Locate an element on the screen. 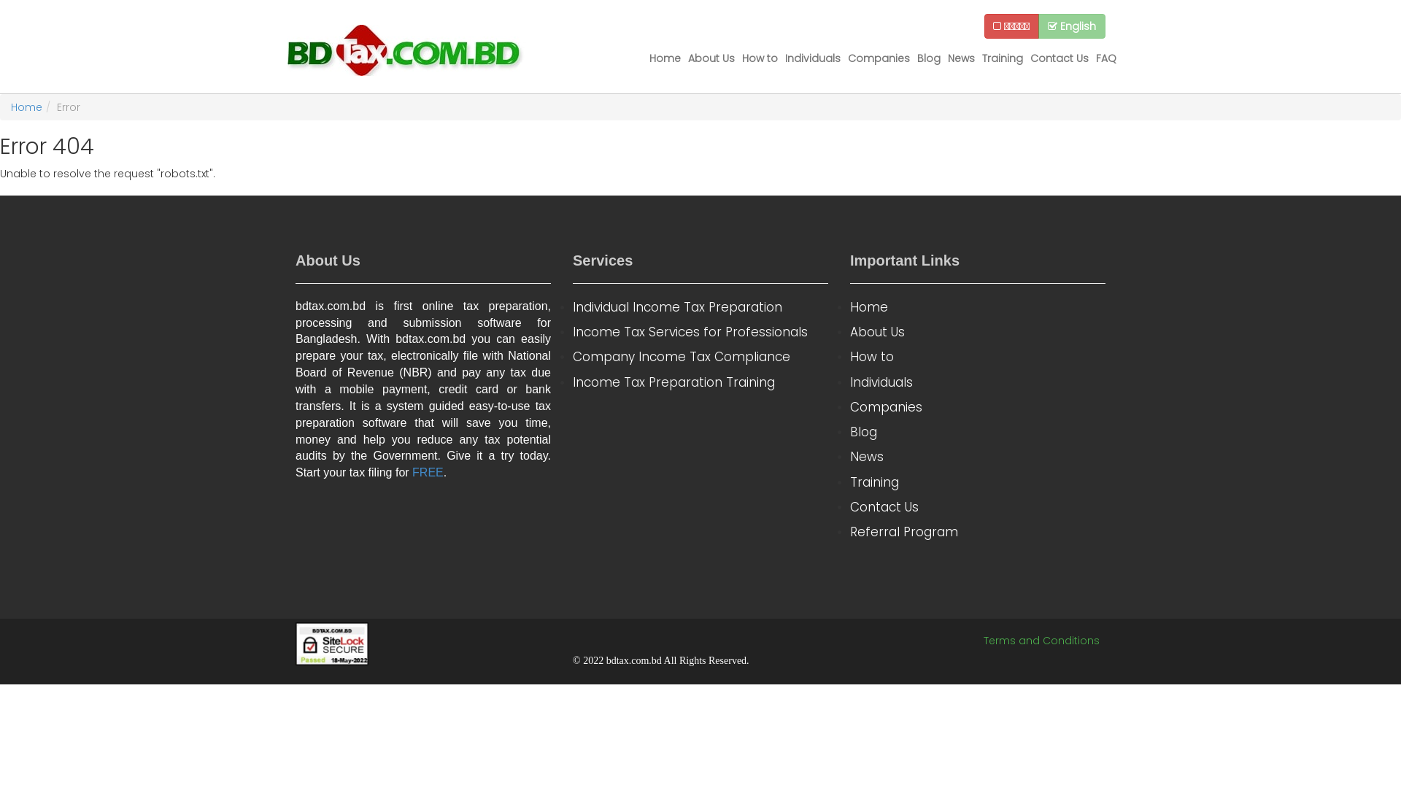 The height and width of the screenshot is (788, 1401). 'Blog' is located at coordinates (977, 430).